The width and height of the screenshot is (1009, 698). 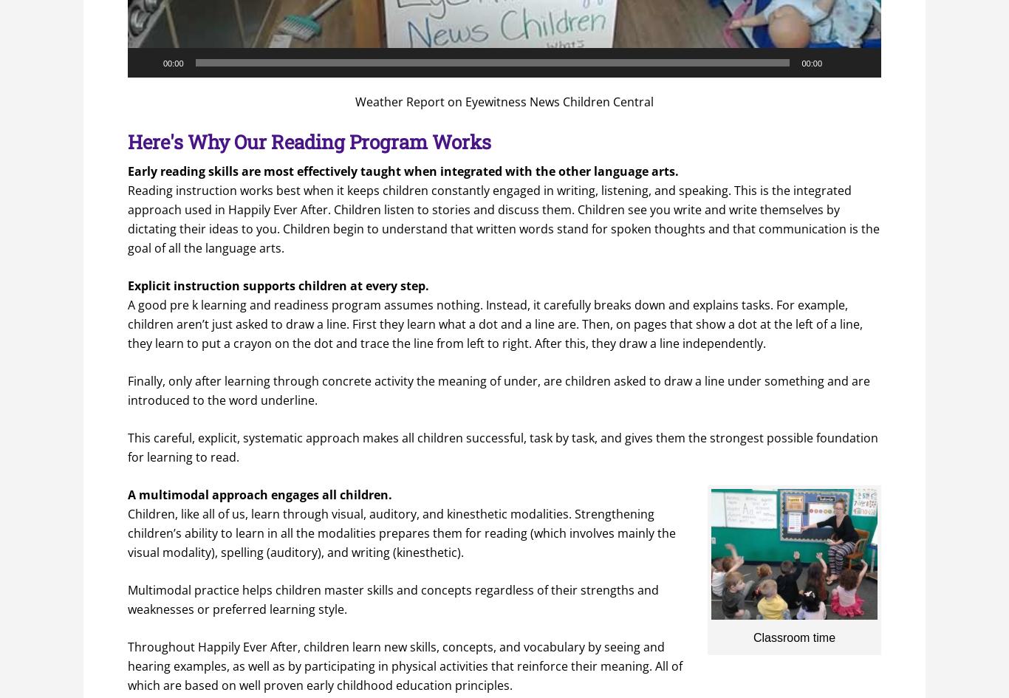 What do you see at coordinates (498, 389) in the screenshot?
I see `'Finally, only after learning through concrete activity the meaning of under, are children asked to draw a line under something and are introduced to the word underline.'` at bounding box center [498, 389].